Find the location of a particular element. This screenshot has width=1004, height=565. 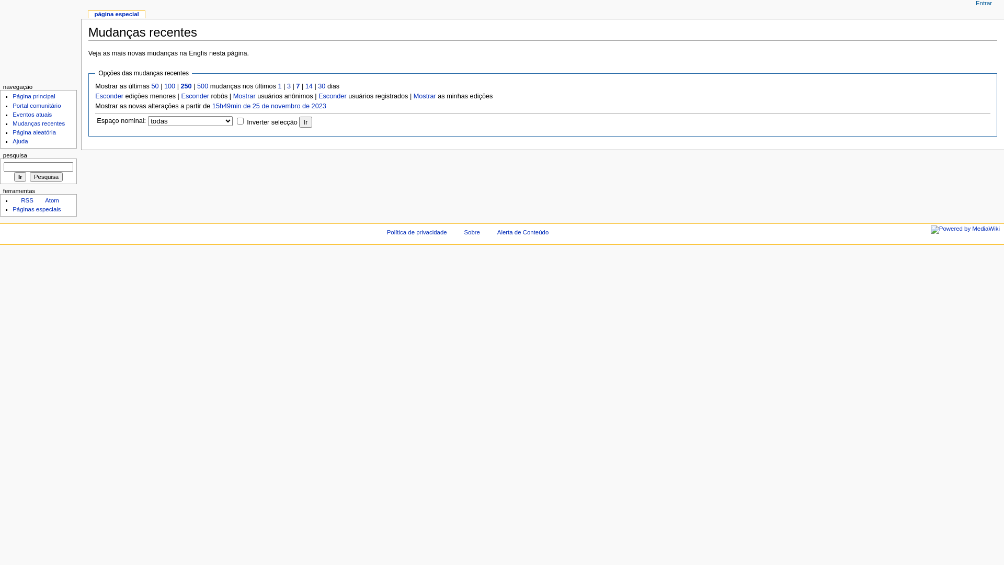

'Pesquisa' is located at coordinates (45, 176).